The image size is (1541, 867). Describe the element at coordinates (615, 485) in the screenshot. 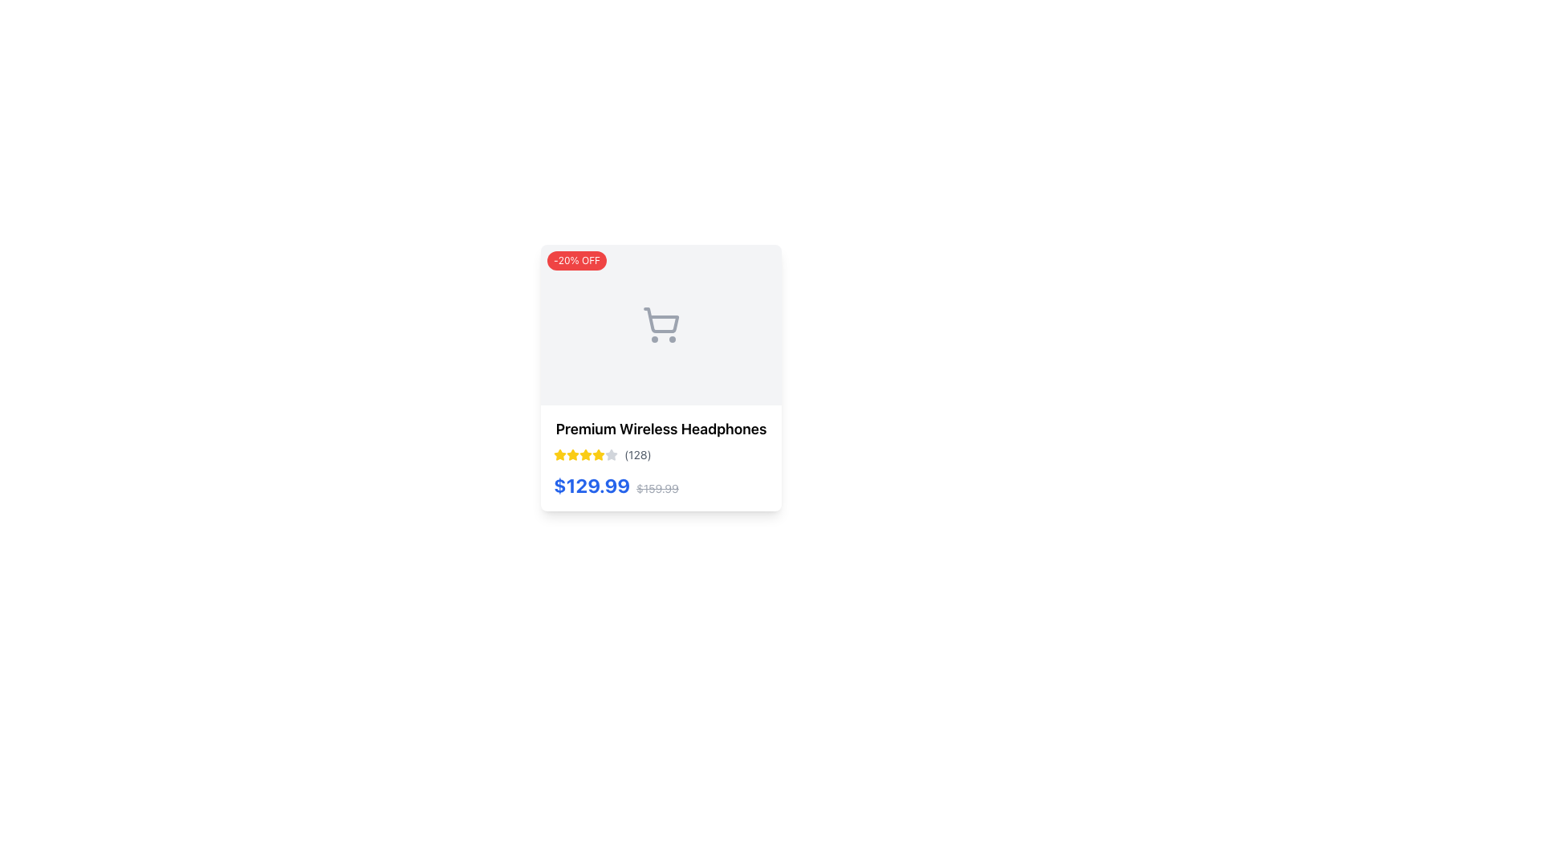

I see `the Price display section that shows the discounted price ($129.99) in bold blue font and the original price ($159.99) in strikethrough gray font, located at the bottom of the product card` at that location.